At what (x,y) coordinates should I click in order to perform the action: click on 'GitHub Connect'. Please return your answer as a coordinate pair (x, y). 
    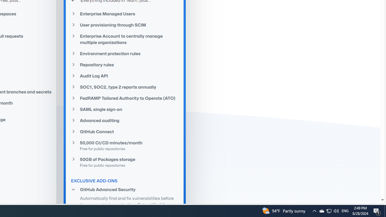
    Looking at the image, I should click on (125, 131).